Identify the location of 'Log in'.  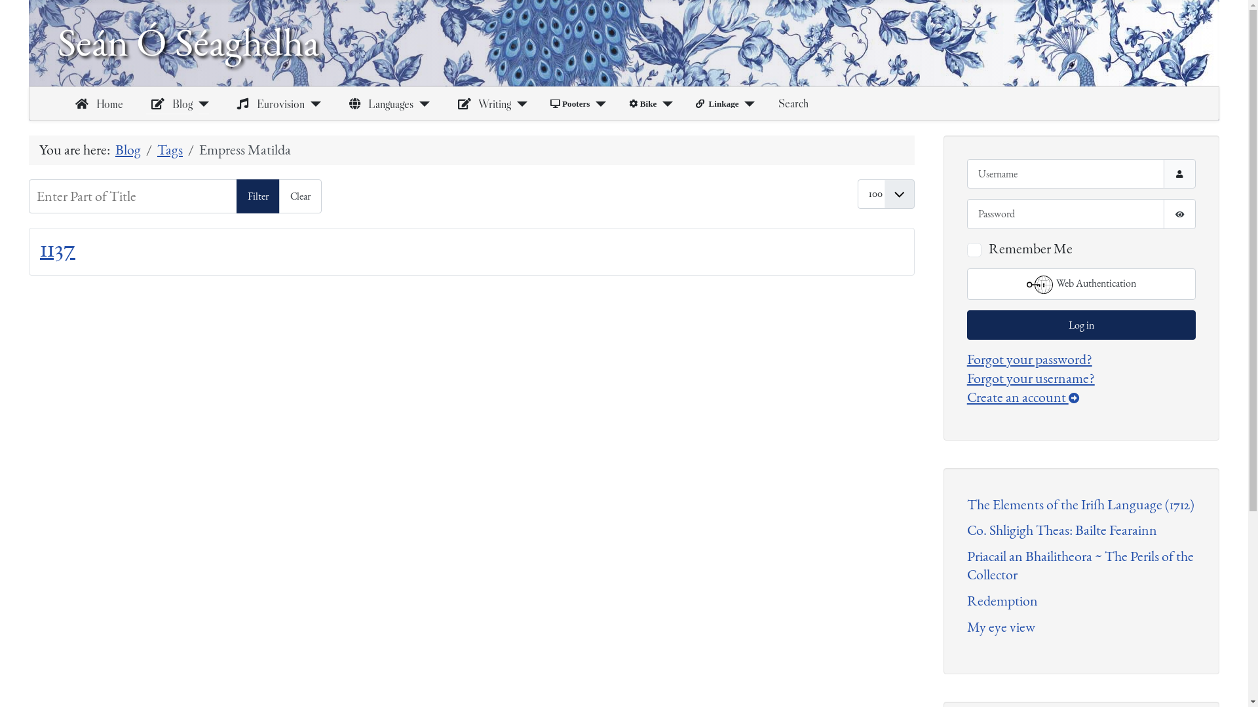
(1081, 324).